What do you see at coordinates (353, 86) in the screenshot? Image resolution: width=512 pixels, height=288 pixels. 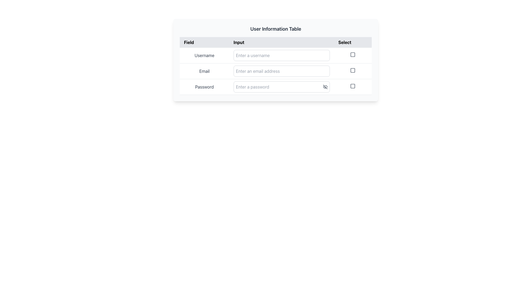 I see `the interactive checkbox or toggle icon located in the bottom row of the table in the 'Select' column corresponding to the 'Password' field` at bounding box center [353, 86].